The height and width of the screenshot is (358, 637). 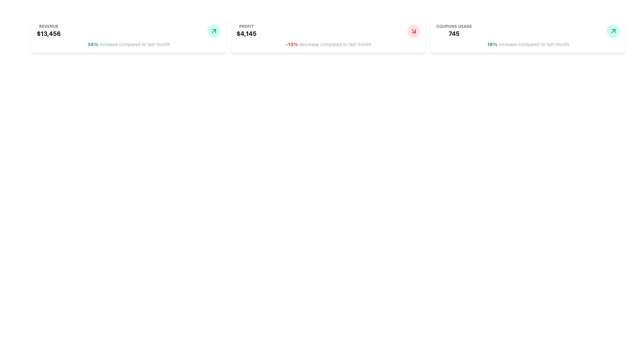 What do you see at coordinates (246, 31) in the screenshot?
I see `the profit amount text display element, which shows a value of $4,145 and is located in the second information card near the upper section of the layout` at bounding box center [246, 31].